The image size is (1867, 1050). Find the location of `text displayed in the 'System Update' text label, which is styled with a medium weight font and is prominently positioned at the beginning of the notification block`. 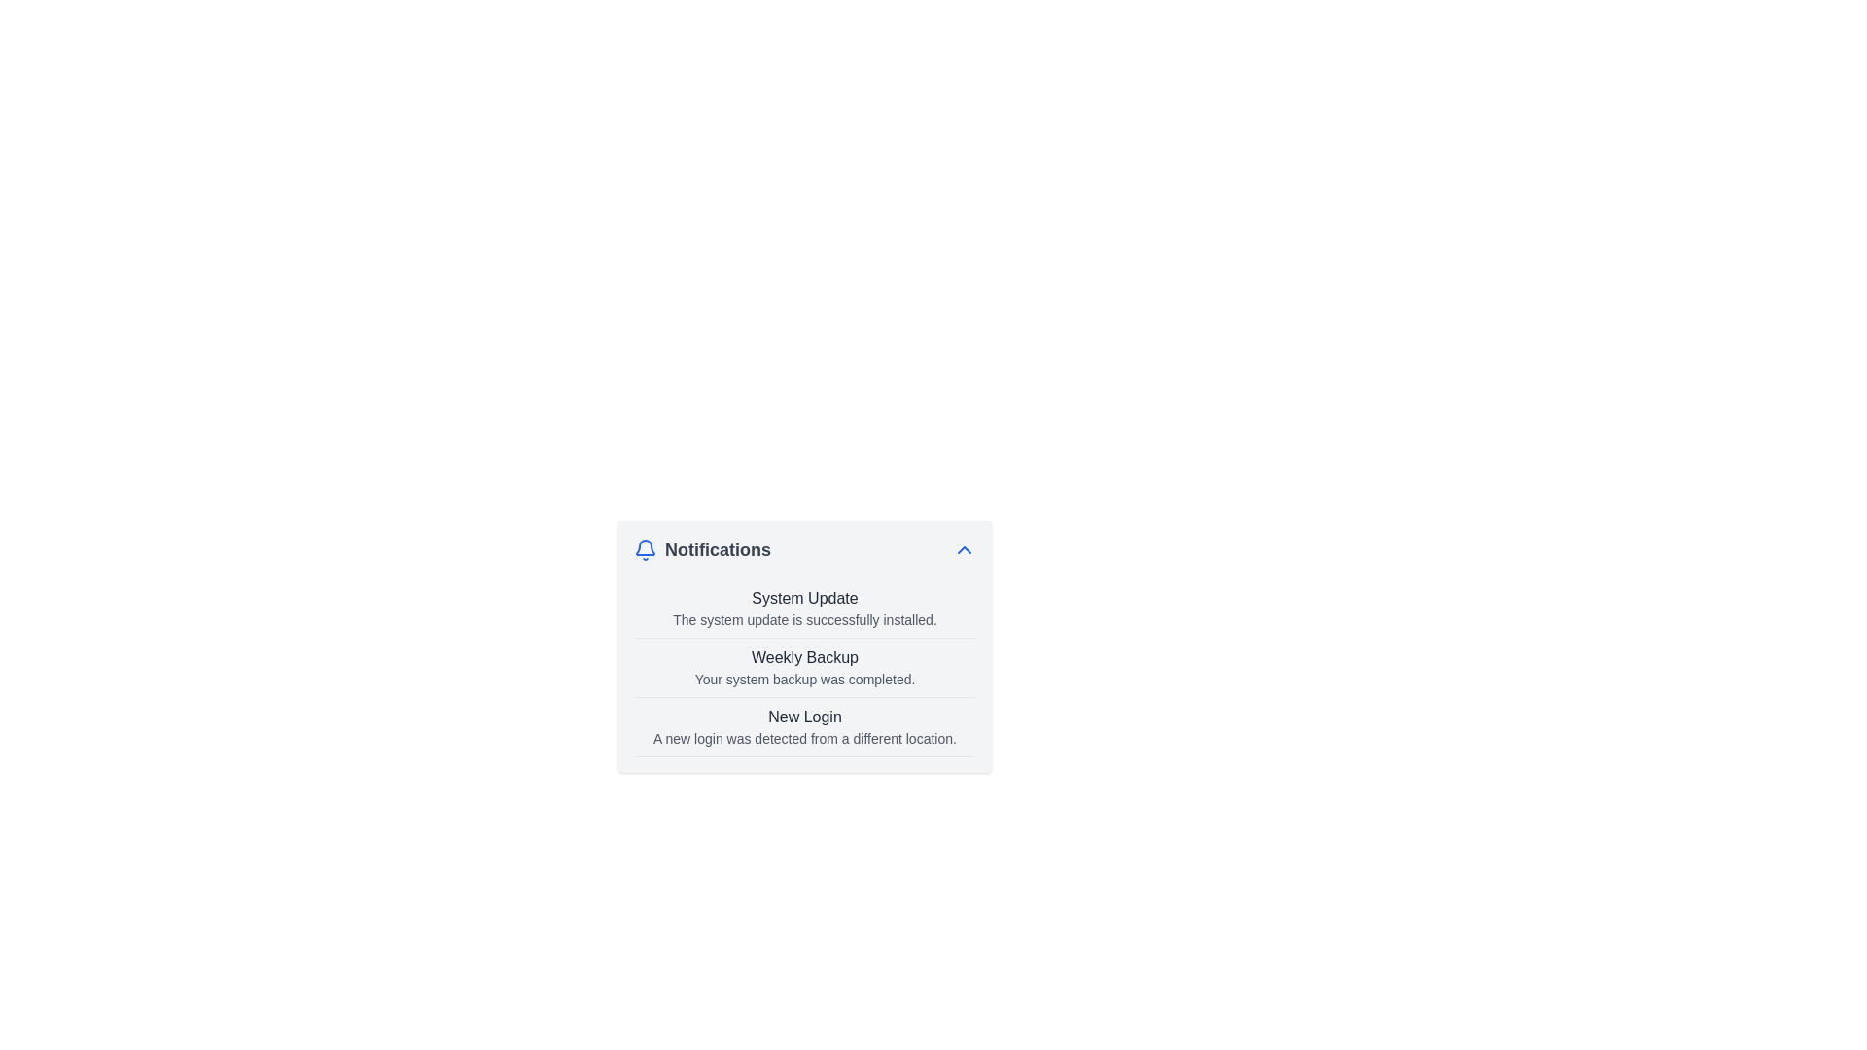

text displayed in the 'System Update' text label, which is styled with a medium weight font and is prominently positioned at the beginning of the notification block is located at coordinates (805, 598).